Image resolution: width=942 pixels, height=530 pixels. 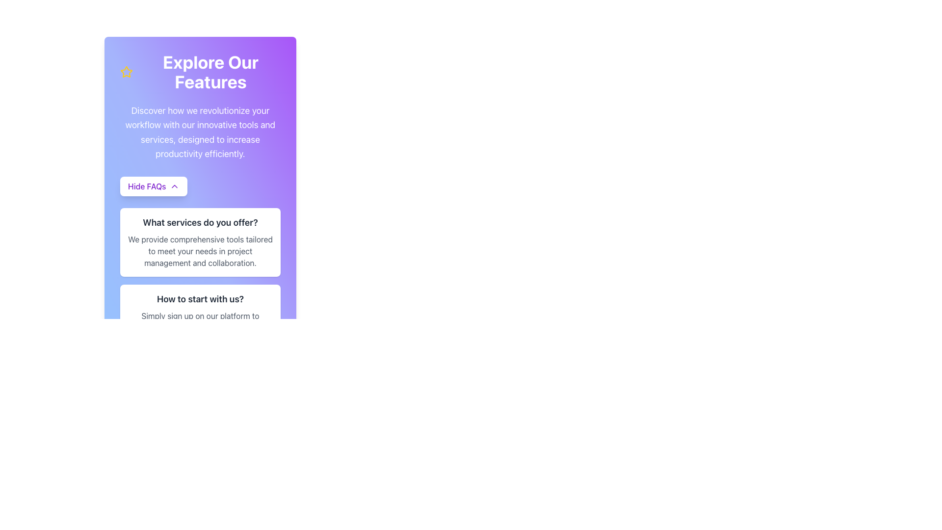 I want to click on information displayed in the Text Content Block, which is the first question in the FAQ section located below the 'Hide FAQs' button, so click(x=200, y=265).